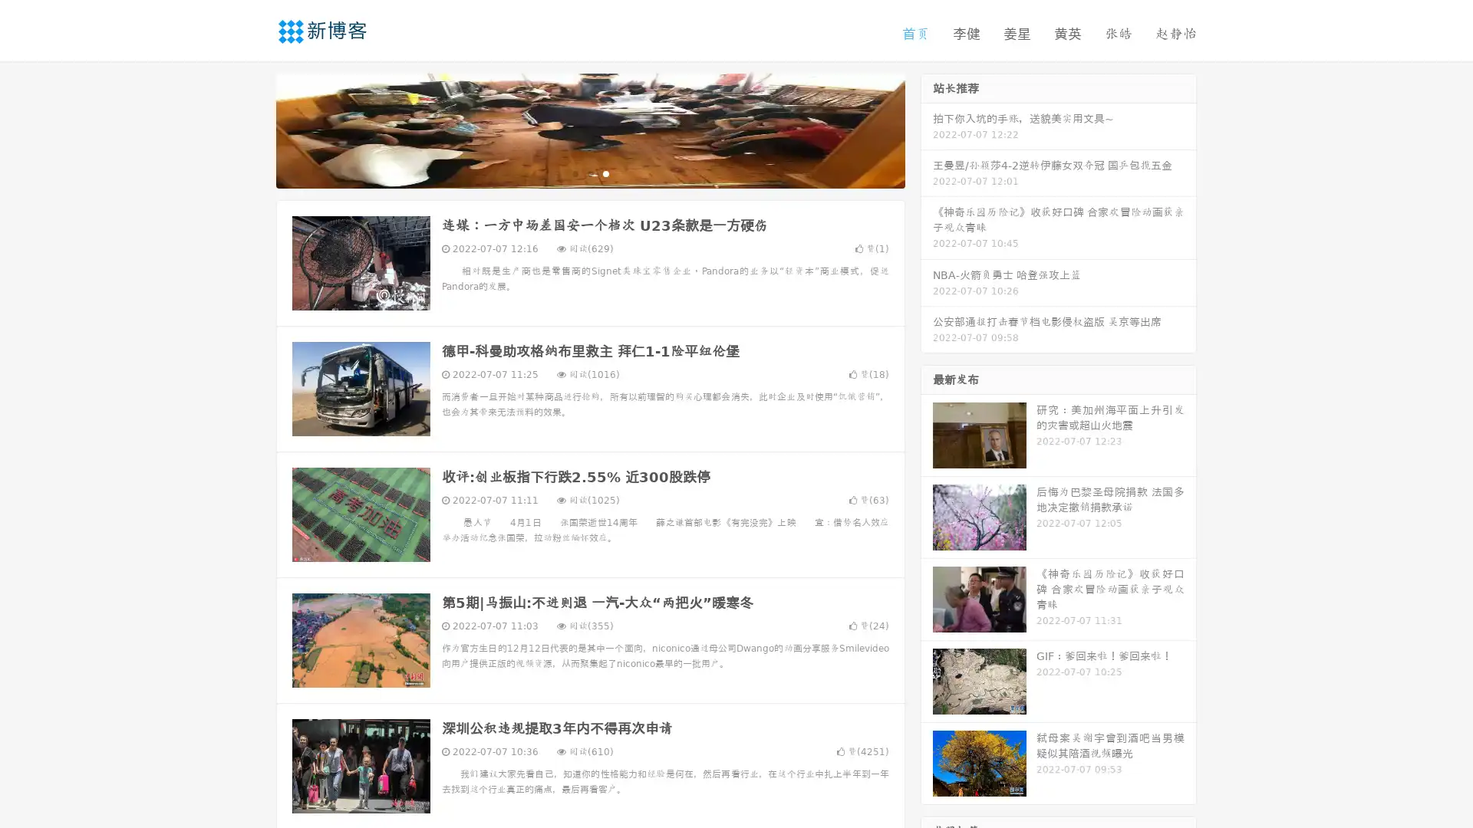 The height and width of the screenshot is (828, 1473). Describe the element at coordinates (589, 172) in the screenshot. I see `Go to slide 2` at that location.